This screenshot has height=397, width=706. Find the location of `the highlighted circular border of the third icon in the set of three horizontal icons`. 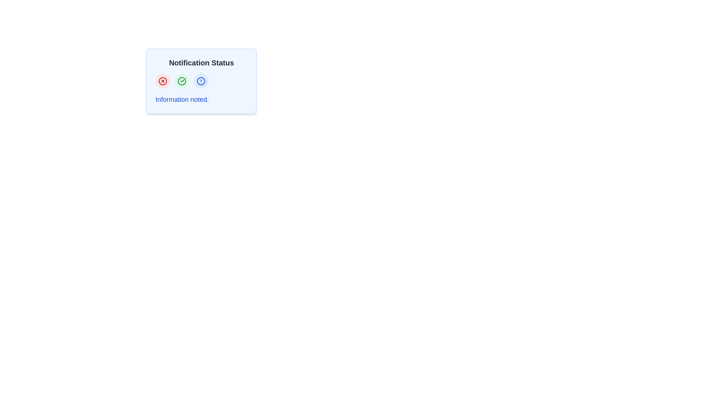

the highlighted circular border of the third icon in the set of three horizontal icons is located at coordinates (201, 81).